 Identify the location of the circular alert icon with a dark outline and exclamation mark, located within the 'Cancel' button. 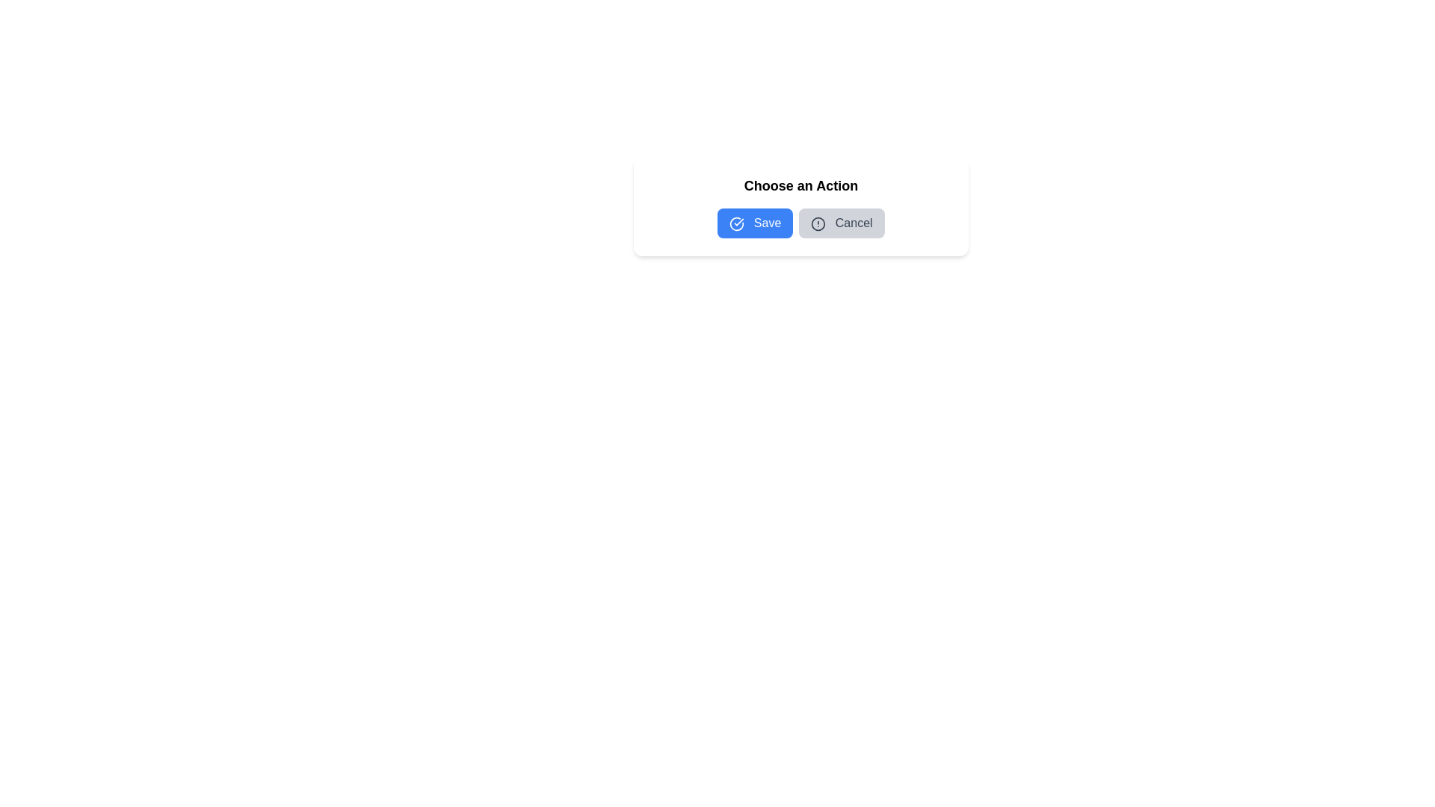
(818, 223).